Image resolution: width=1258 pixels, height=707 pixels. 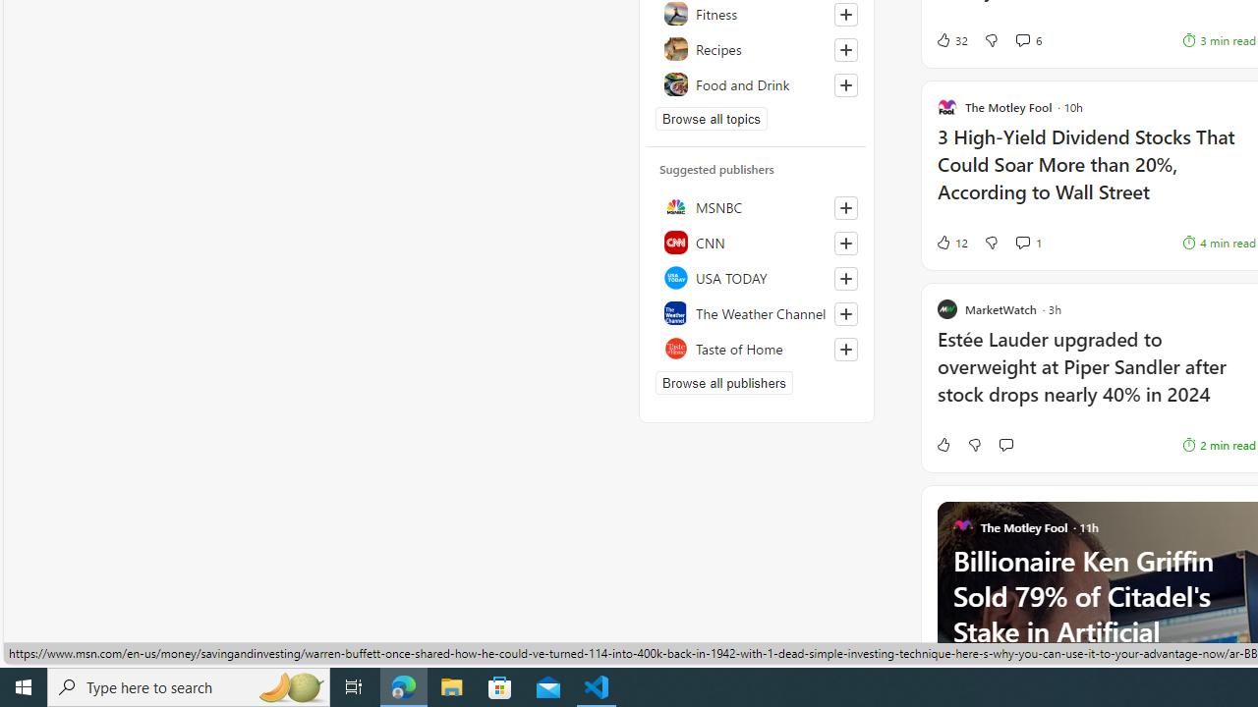 What do you see at coordinates (711, 118) in the screenshot?
I see `'Browse all topics'` at bounding box center [711, 118].